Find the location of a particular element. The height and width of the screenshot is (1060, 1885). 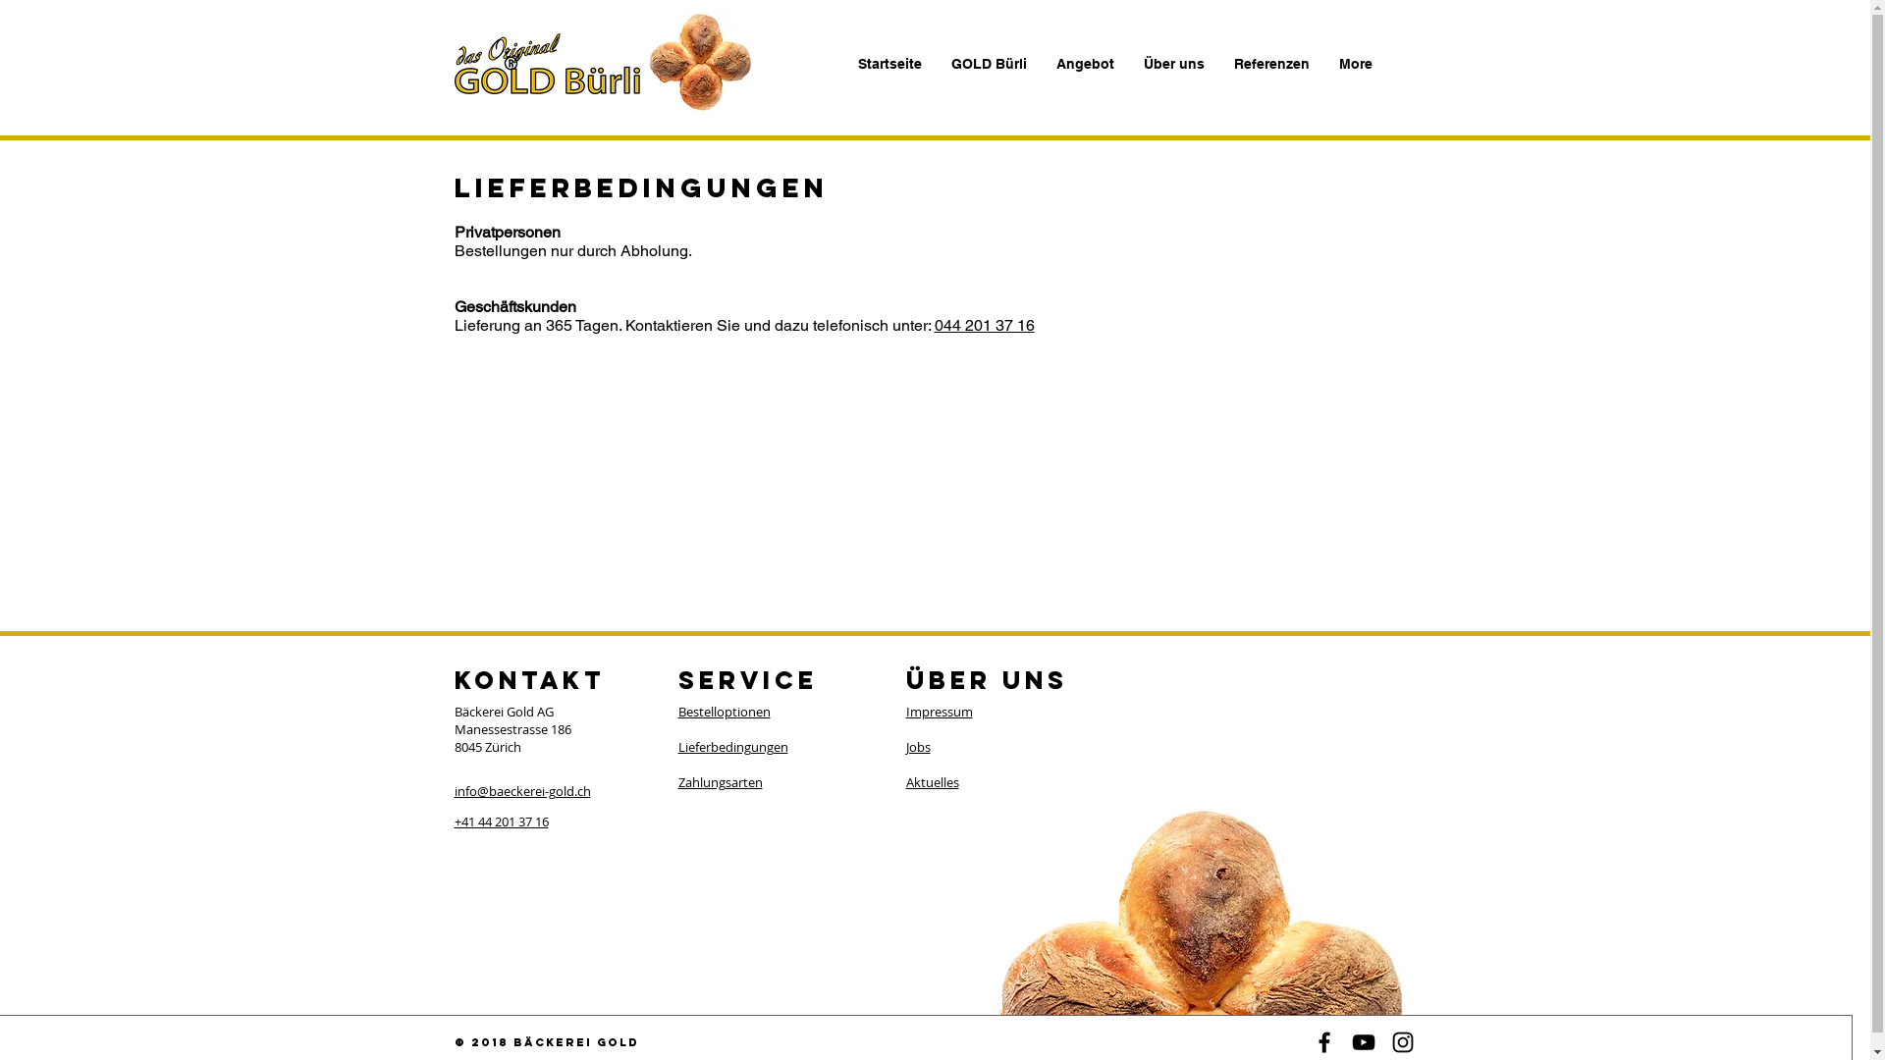

'Impressum' is located at coordinates (937, 712).